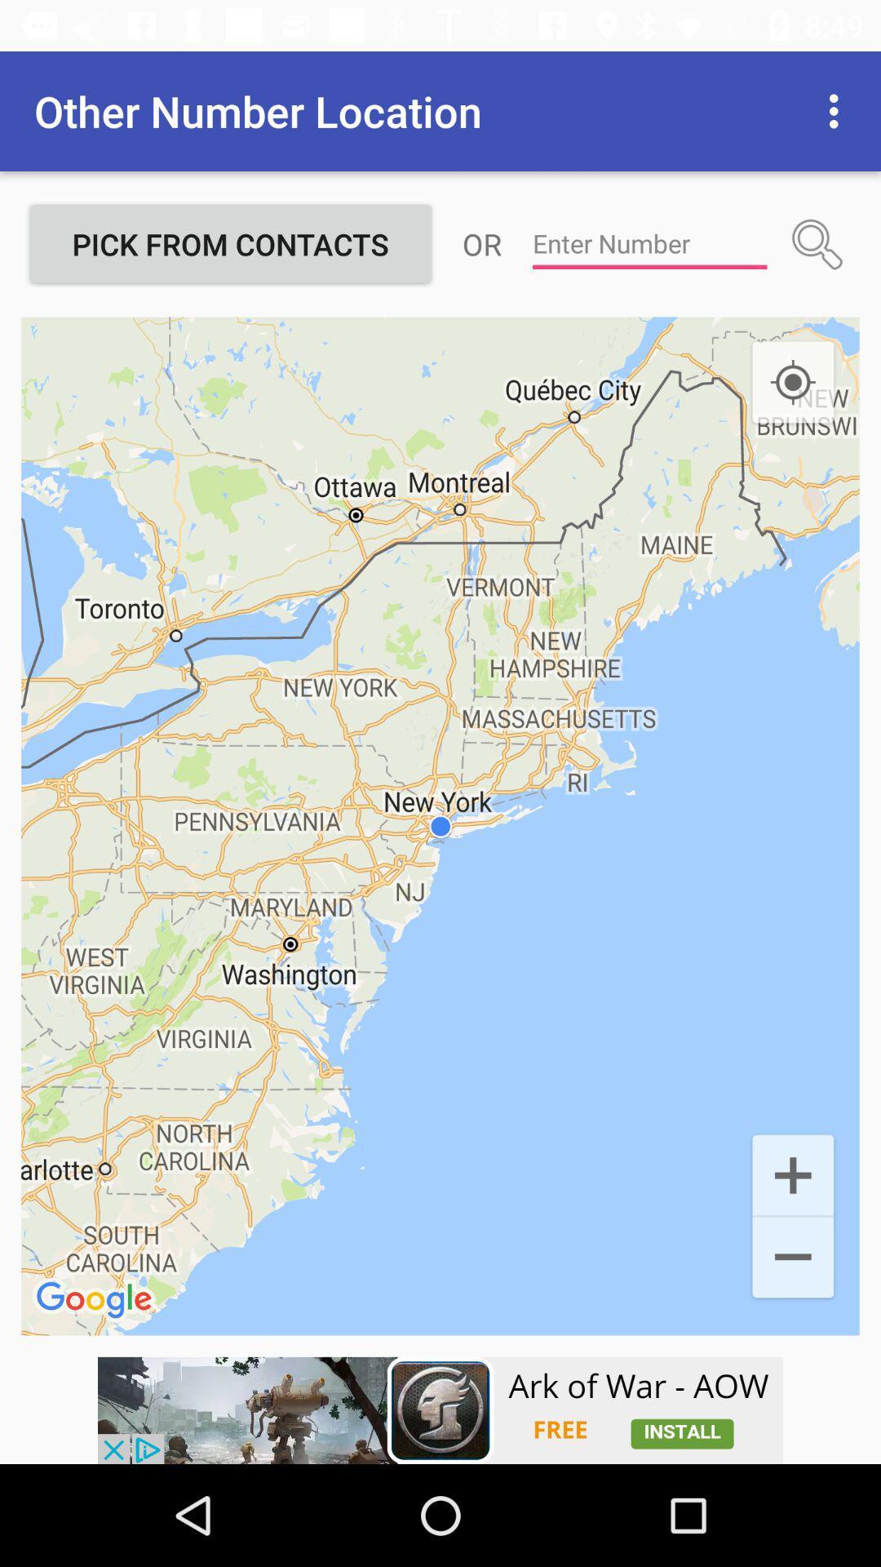  Describe the element at coordinates (649, 243) in the screenshot. I see `type number` at that location.